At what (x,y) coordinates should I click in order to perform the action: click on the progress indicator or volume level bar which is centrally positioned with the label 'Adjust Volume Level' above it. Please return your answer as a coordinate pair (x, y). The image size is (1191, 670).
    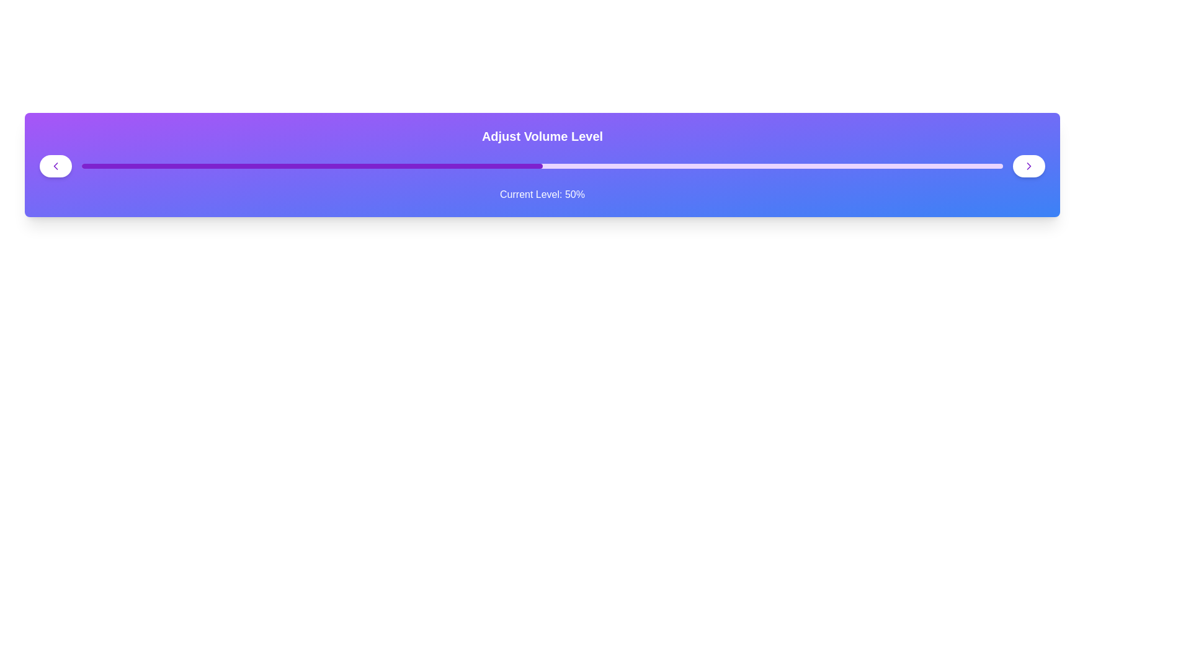
    Looking at the image, I should click on (542, 165).